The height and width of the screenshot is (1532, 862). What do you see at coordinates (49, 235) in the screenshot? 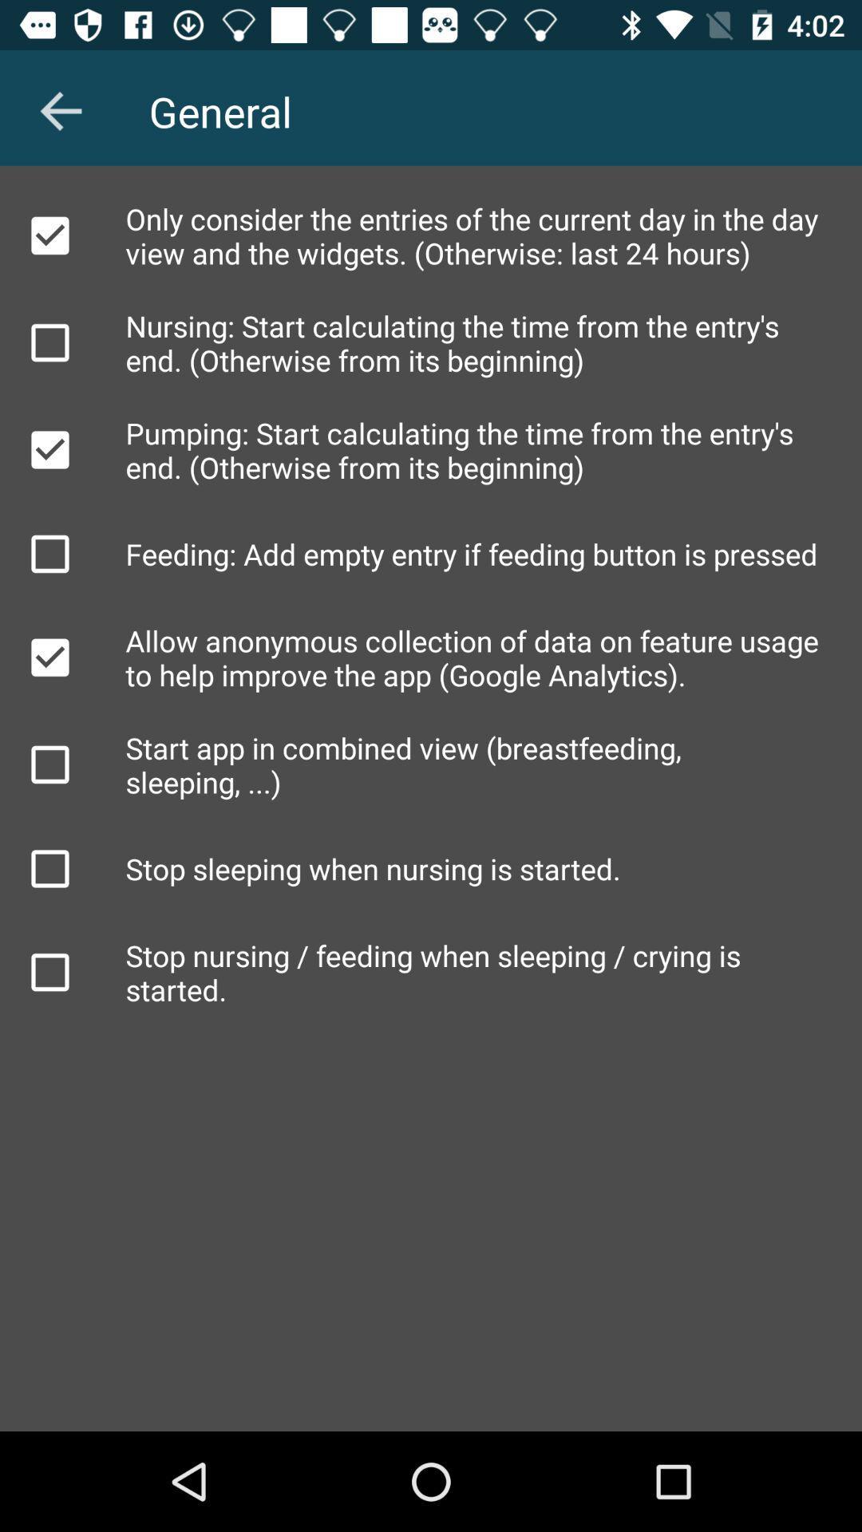
I see `box` at bounding box center [49, 235].